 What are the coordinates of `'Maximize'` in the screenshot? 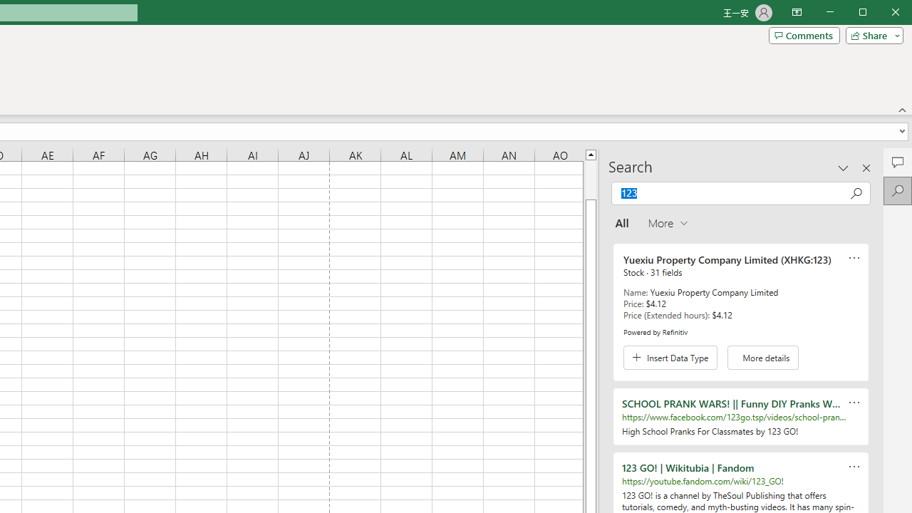 It's located at (882, 14).